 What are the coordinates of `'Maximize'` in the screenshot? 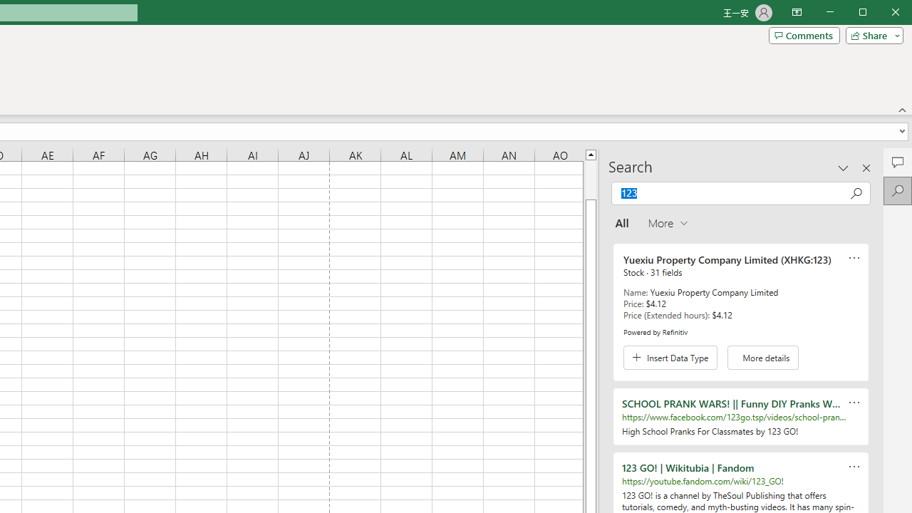 It's located at (882, 14).